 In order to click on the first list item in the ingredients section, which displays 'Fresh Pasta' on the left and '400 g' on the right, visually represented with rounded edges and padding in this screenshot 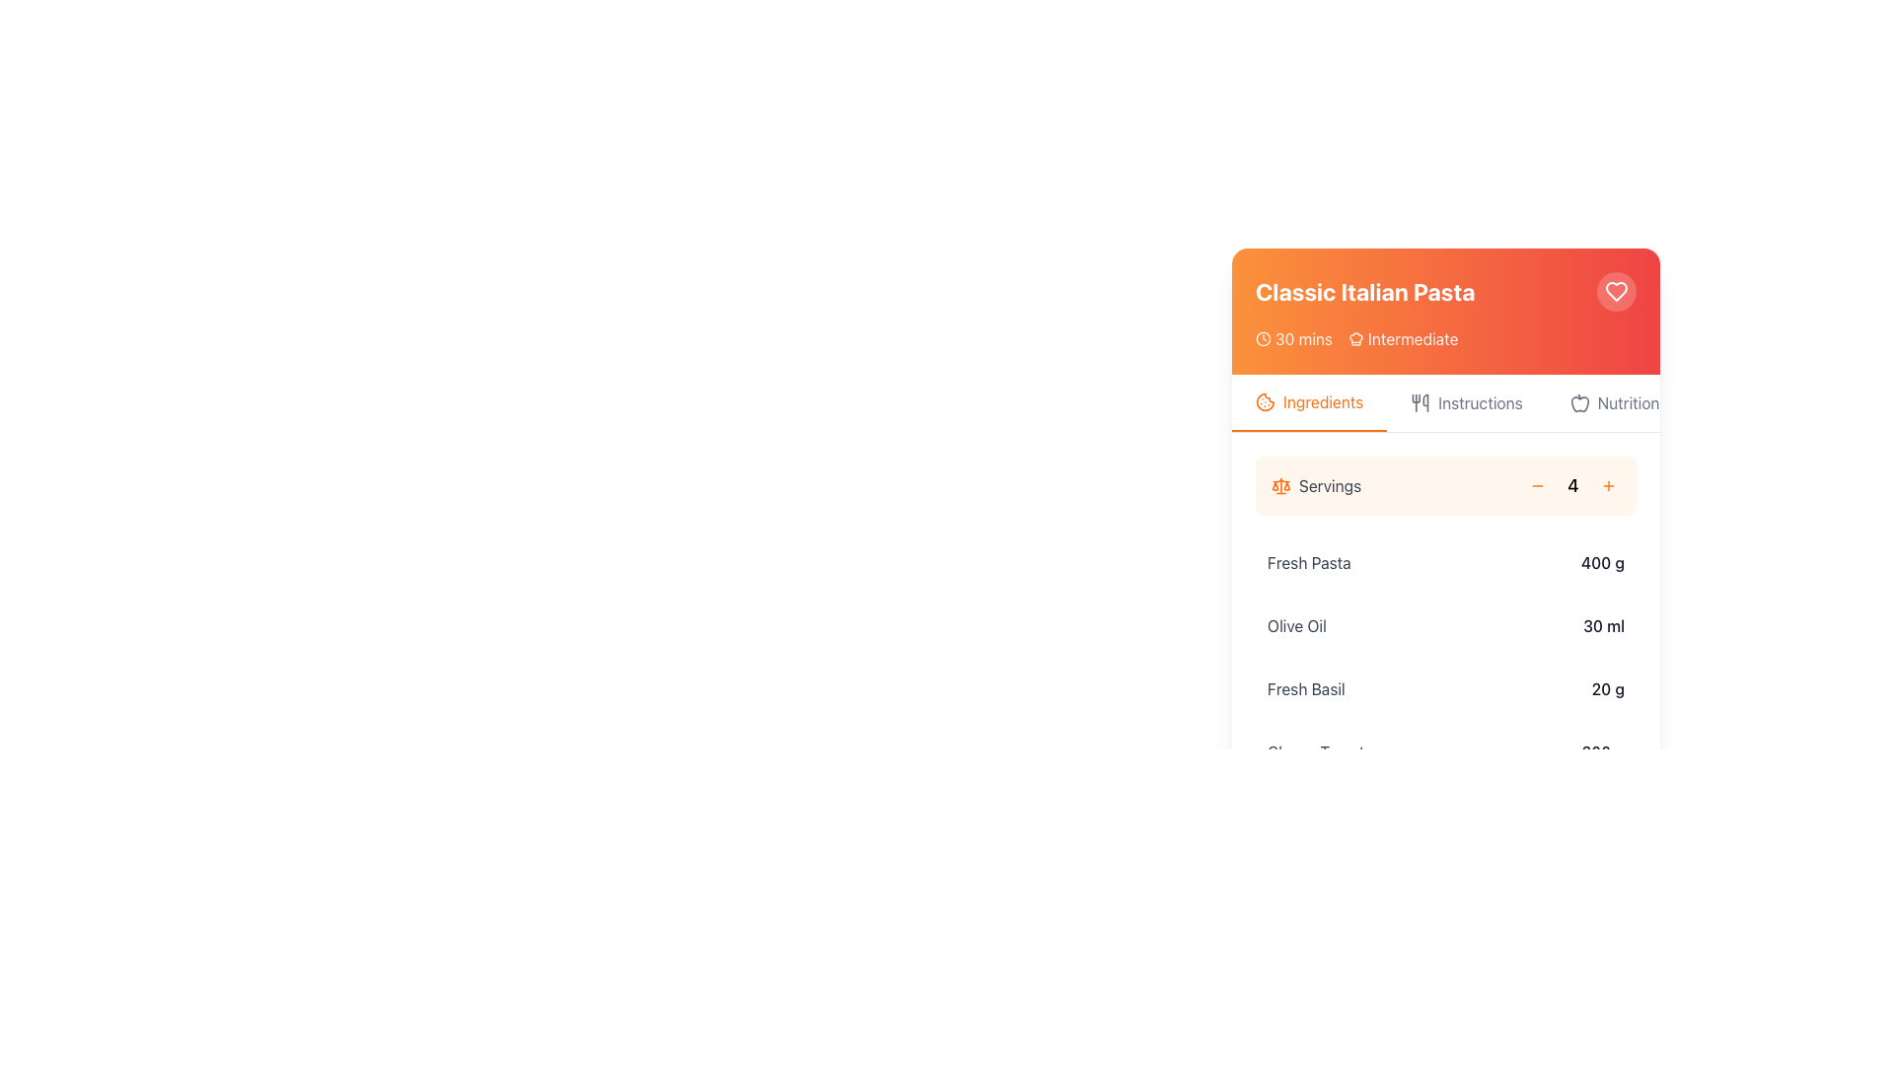, I will do `click(1445, 562)`.